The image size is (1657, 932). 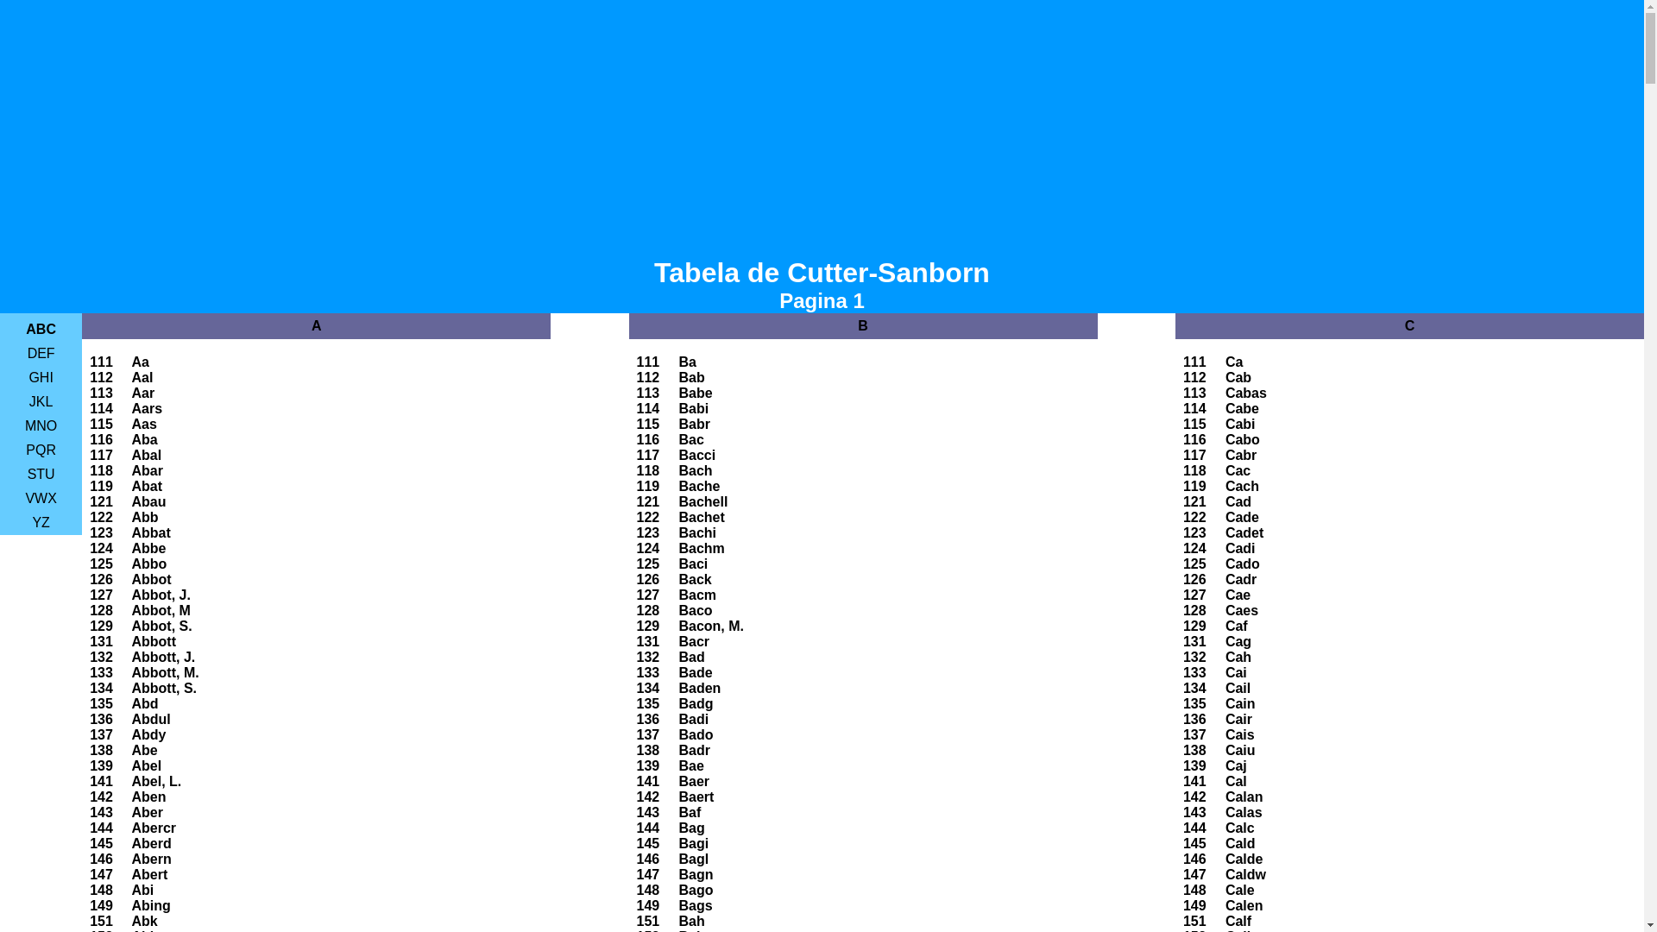 What do you see at coordinates (24, 425) in the screenshot?
I see `'MNO'` at bounding box center [24, 425].